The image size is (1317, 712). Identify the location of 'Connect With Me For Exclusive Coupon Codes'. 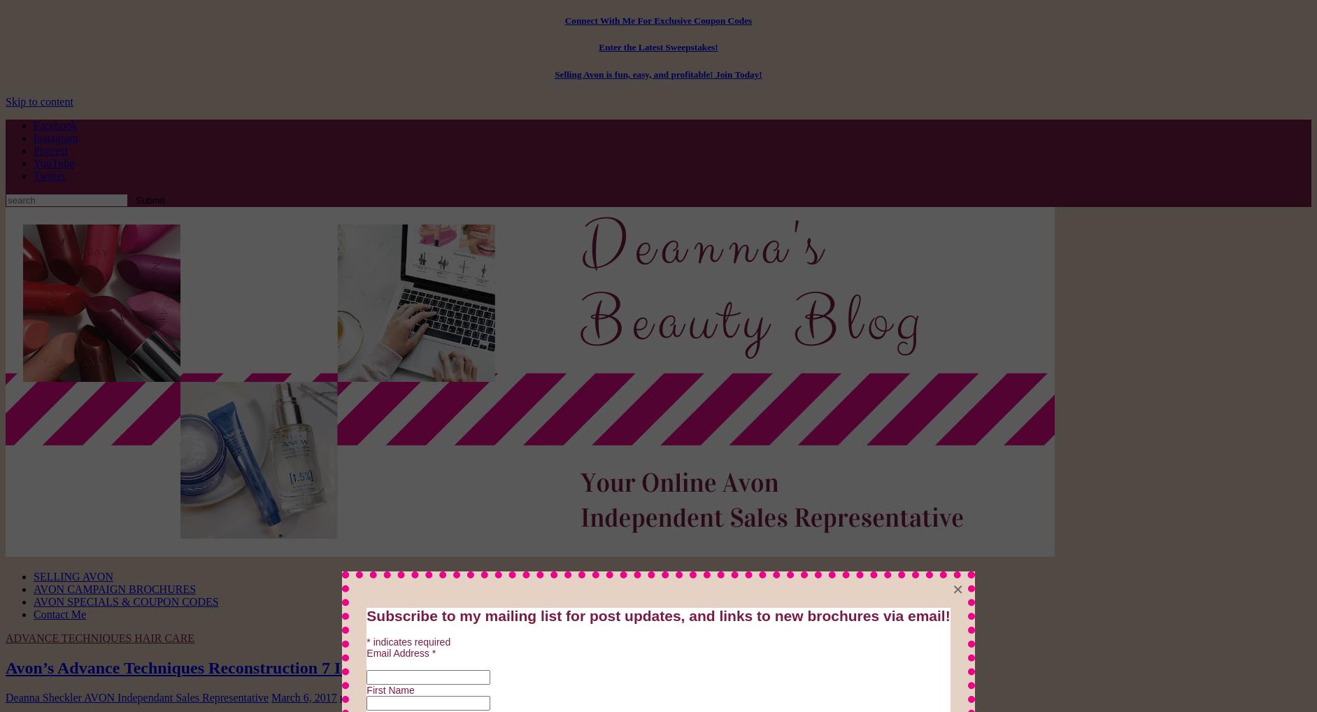
(657, 20).